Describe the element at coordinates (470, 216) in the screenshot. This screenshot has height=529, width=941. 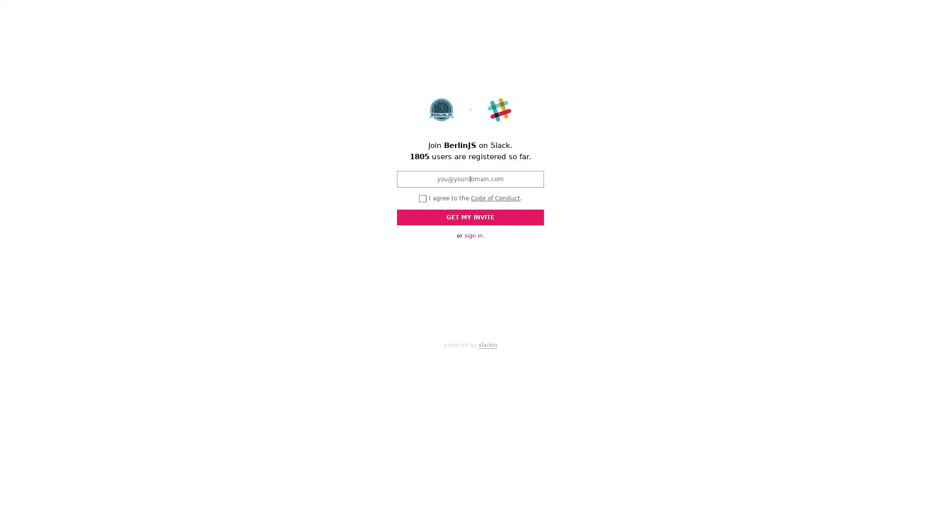
I see `GET MY INVITE` at that location.